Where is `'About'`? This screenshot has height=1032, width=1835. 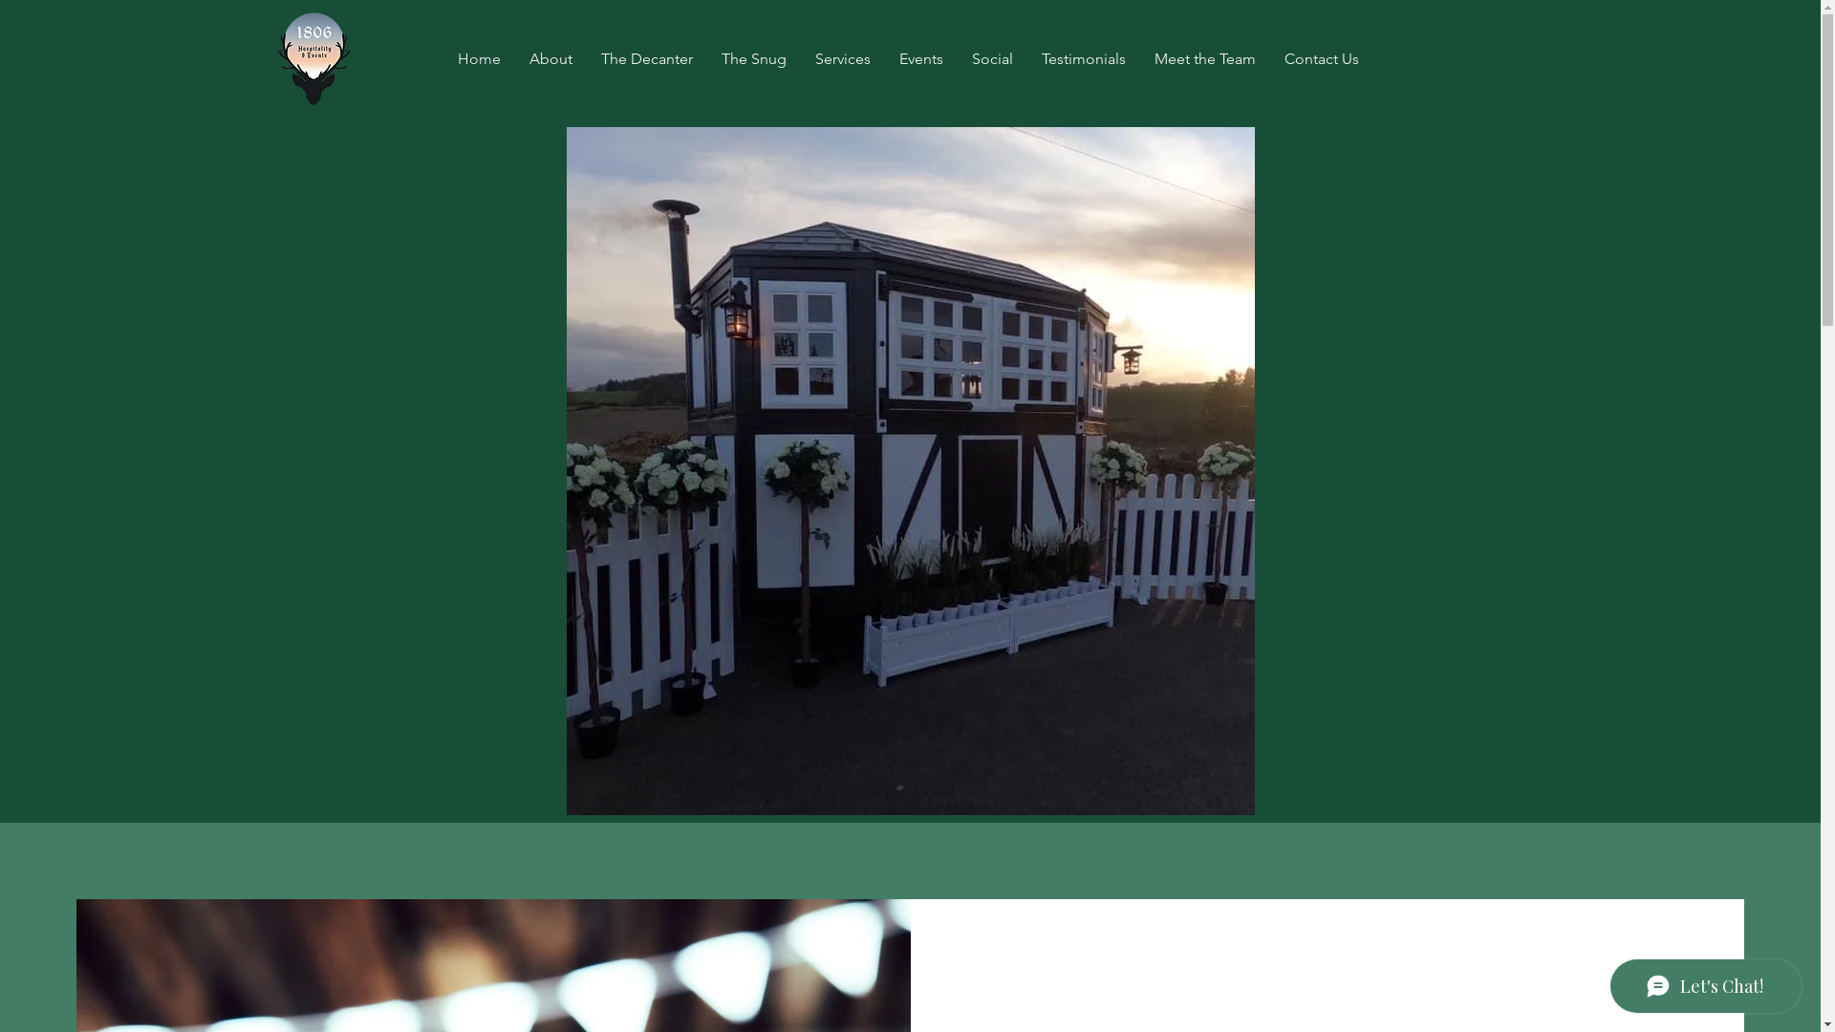
'About' is located at coordinates (549, 57).